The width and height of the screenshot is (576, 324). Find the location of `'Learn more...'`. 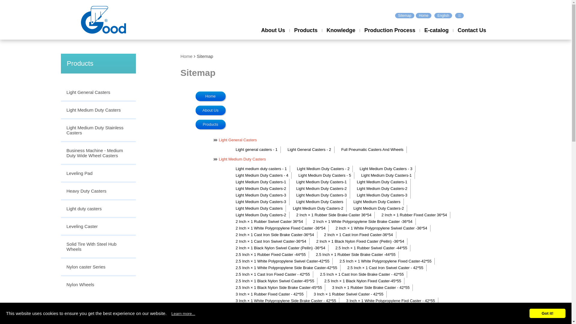

'Learn more...' is located at coordinates (183, 313).